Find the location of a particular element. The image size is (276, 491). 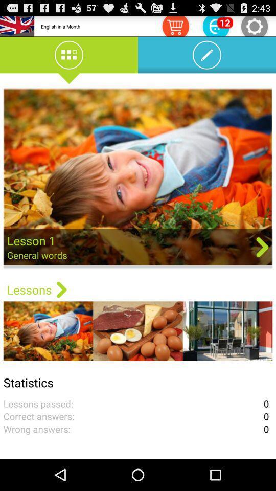

edit button on page is located at coordinates (207, 56).